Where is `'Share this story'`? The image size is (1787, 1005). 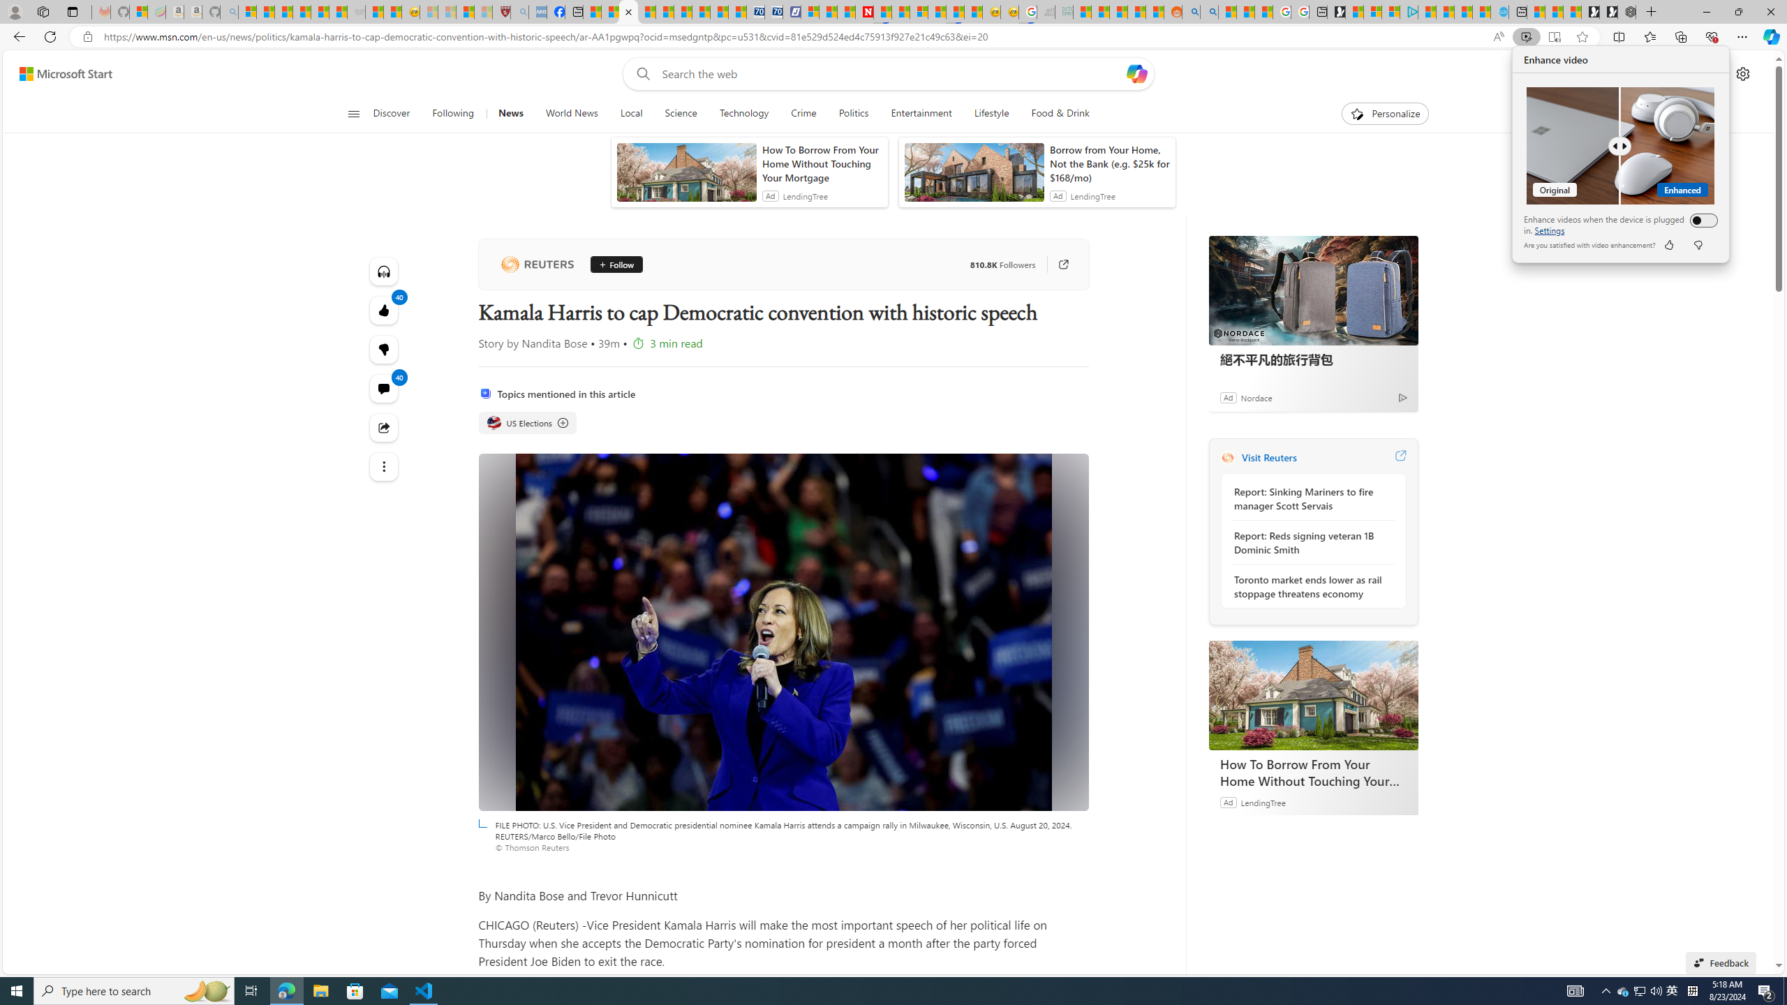 'Share this story' is located at coordinates (384, 427).